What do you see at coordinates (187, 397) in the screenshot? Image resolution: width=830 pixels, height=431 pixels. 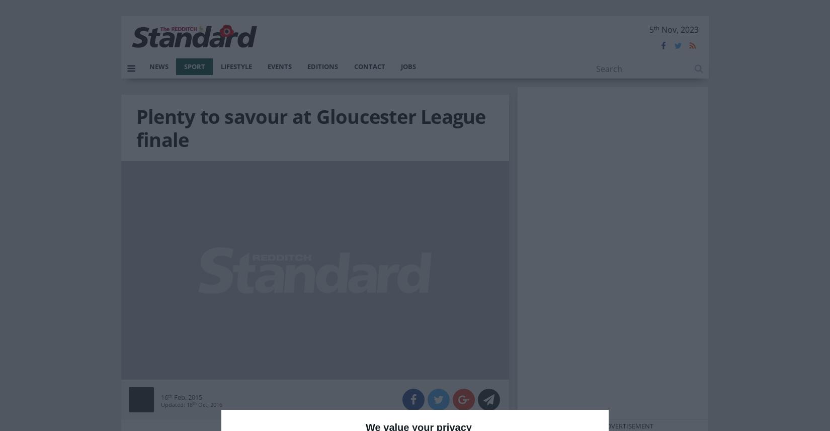 I see `'Feb, 2015'` at bounding box center [187, 397].